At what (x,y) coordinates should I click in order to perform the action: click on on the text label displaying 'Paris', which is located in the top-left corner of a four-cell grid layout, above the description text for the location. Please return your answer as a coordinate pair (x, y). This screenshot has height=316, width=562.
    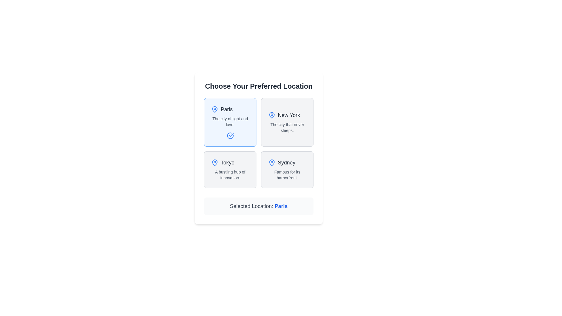
    Looking at the image, I should click on (226, 109).